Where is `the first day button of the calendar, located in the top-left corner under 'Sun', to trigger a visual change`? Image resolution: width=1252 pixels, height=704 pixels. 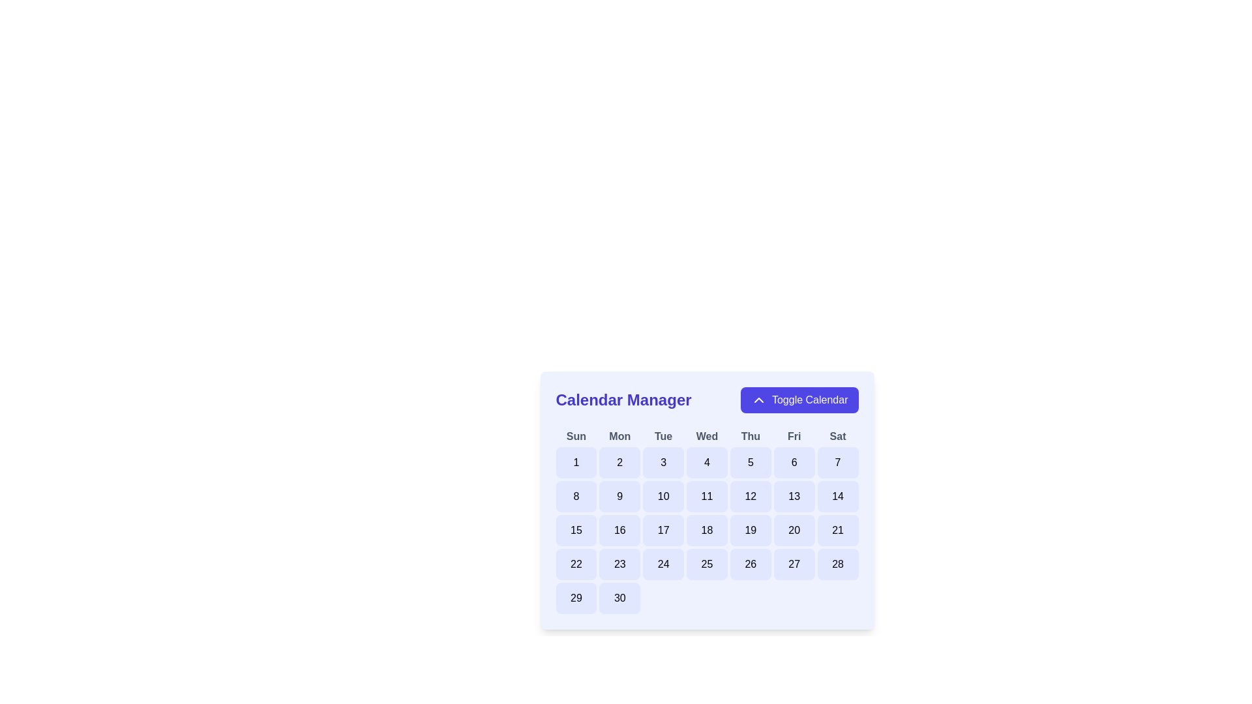
the first day button of the calendar, located in the top-left corner under 'Sun', to trigger a visual change is located at coordinates (575, 462).